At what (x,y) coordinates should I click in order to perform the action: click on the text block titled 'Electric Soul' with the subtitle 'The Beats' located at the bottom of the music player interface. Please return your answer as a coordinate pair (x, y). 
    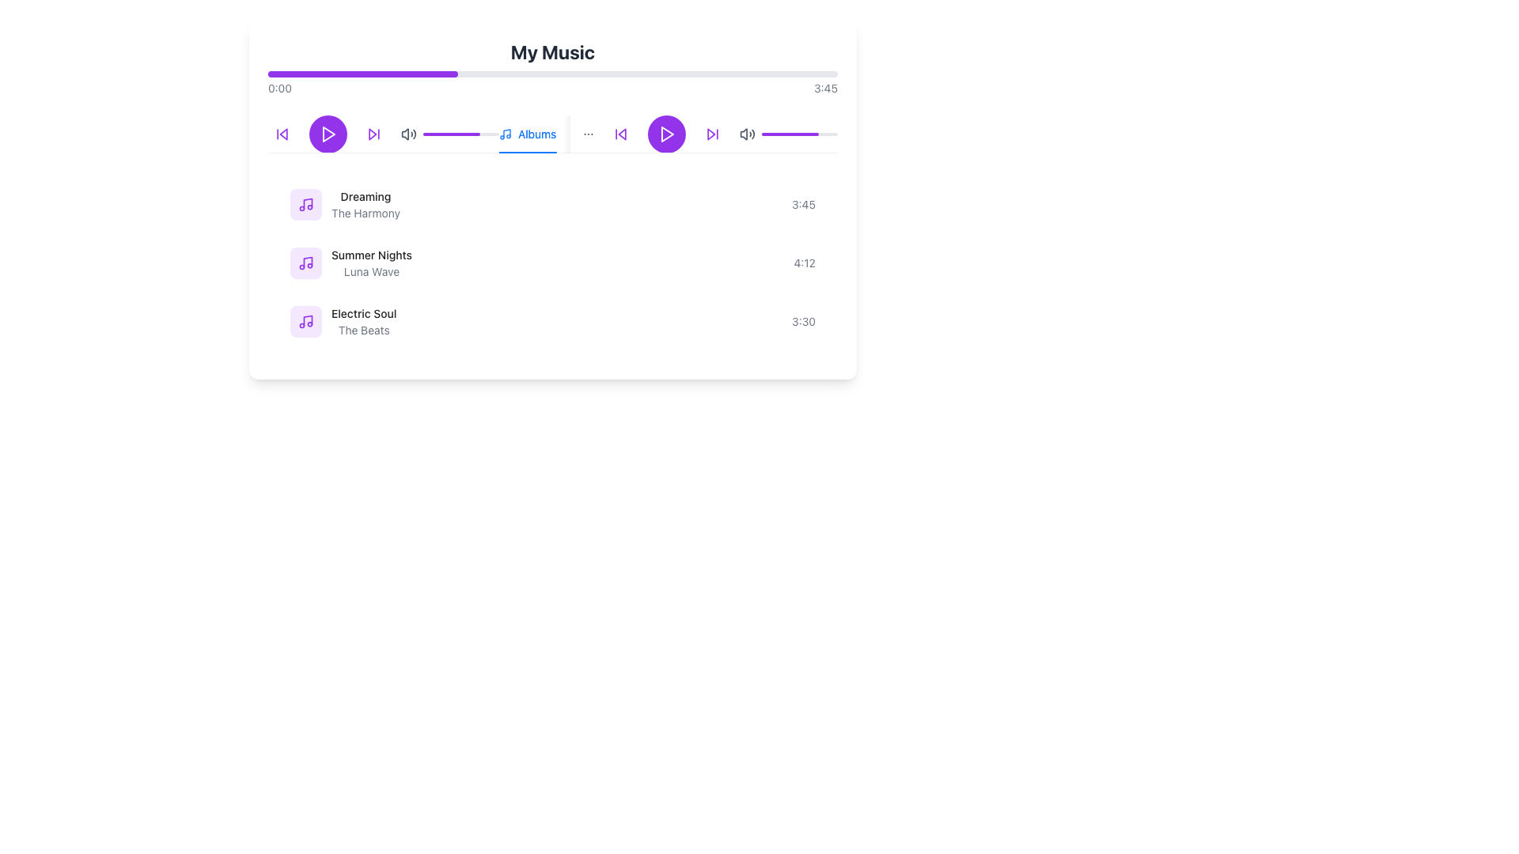
    Looking at the image, I should click on (363, 321).